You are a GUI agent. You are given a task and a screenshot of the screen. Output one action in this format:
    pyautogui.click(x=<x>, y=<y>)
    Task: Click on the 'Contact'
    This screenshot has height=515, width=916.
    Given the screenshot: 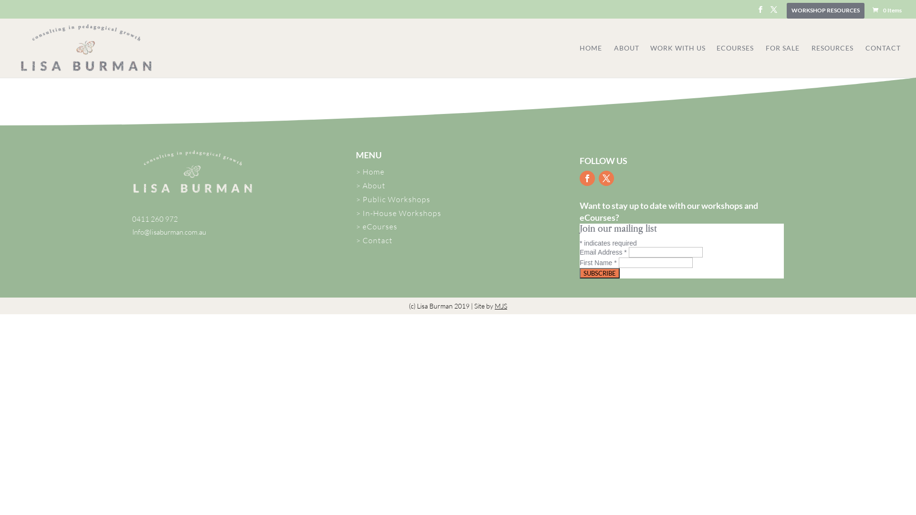 What is the action you would take?
    pyautogui.click(x=377, y=240)
    